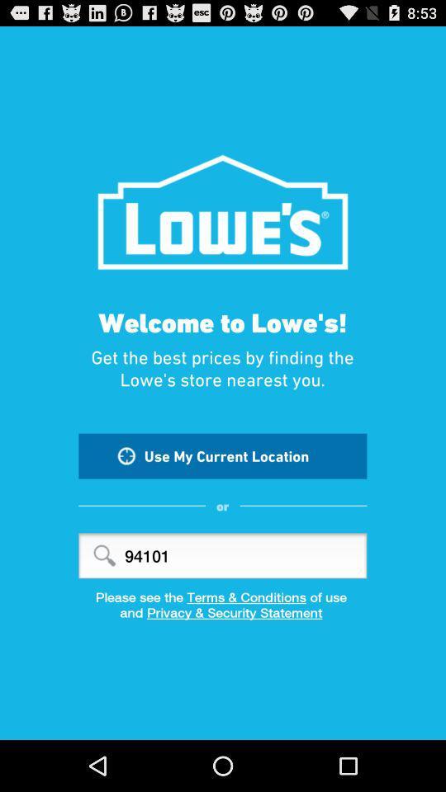 Image resolution: width=446 pixels, height=792 pixels. Describe the element at coordinates (222, 555) in the screenshot. I see `94101 item` at that location.